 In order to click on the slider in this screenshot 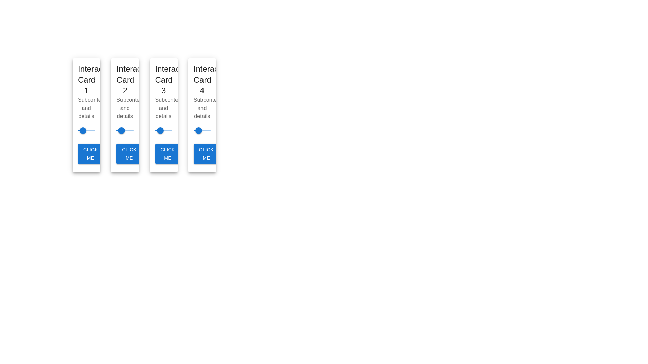, I will do `click(126, 131)`.